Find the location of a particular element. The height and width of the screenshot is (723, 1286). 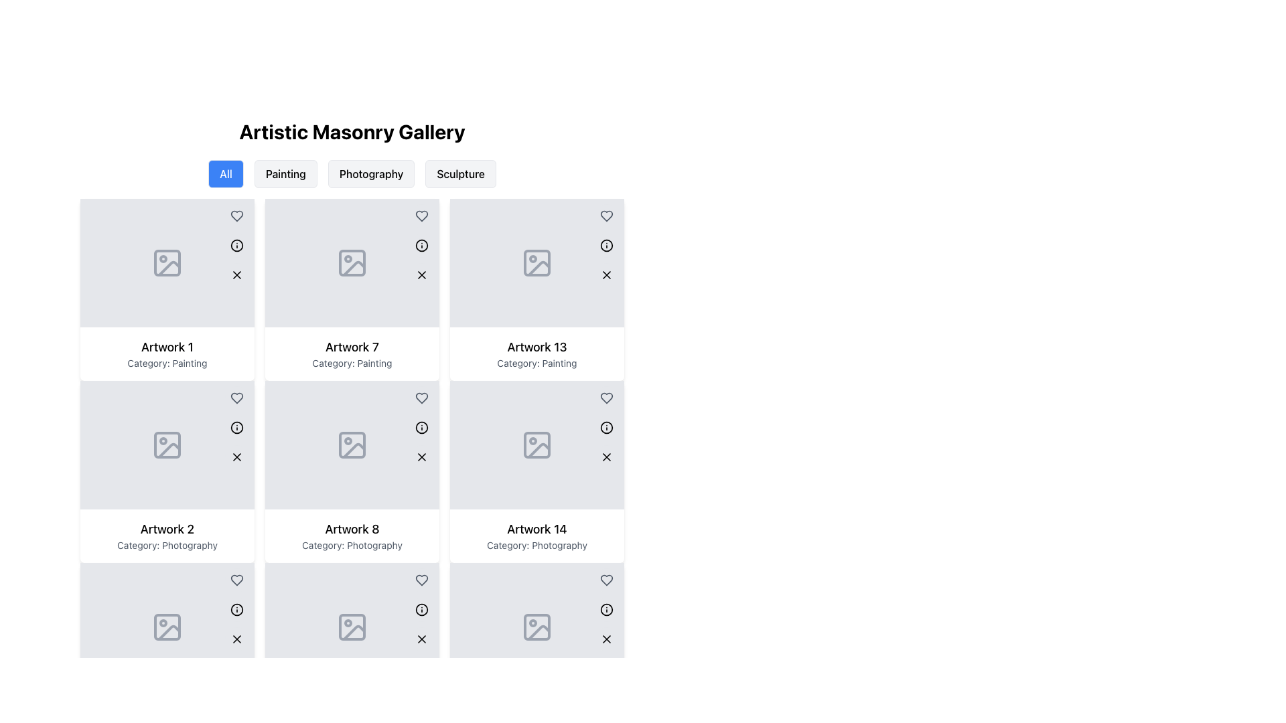

the text label that serves as the title or name associated with a particular artwork, located in the first column of the second row in a grid layout is located at coordinates (166, 528).